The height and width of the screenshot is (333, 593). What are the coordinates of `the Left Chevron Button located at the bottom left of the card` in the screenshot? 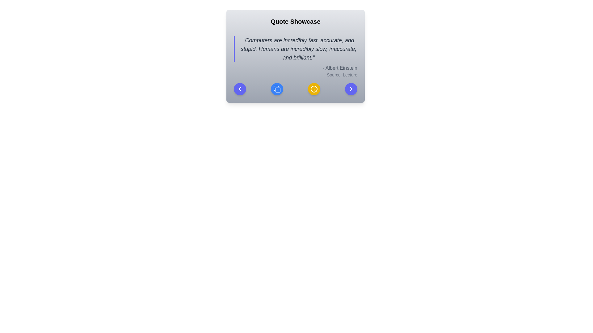 It's located at (240, 89).